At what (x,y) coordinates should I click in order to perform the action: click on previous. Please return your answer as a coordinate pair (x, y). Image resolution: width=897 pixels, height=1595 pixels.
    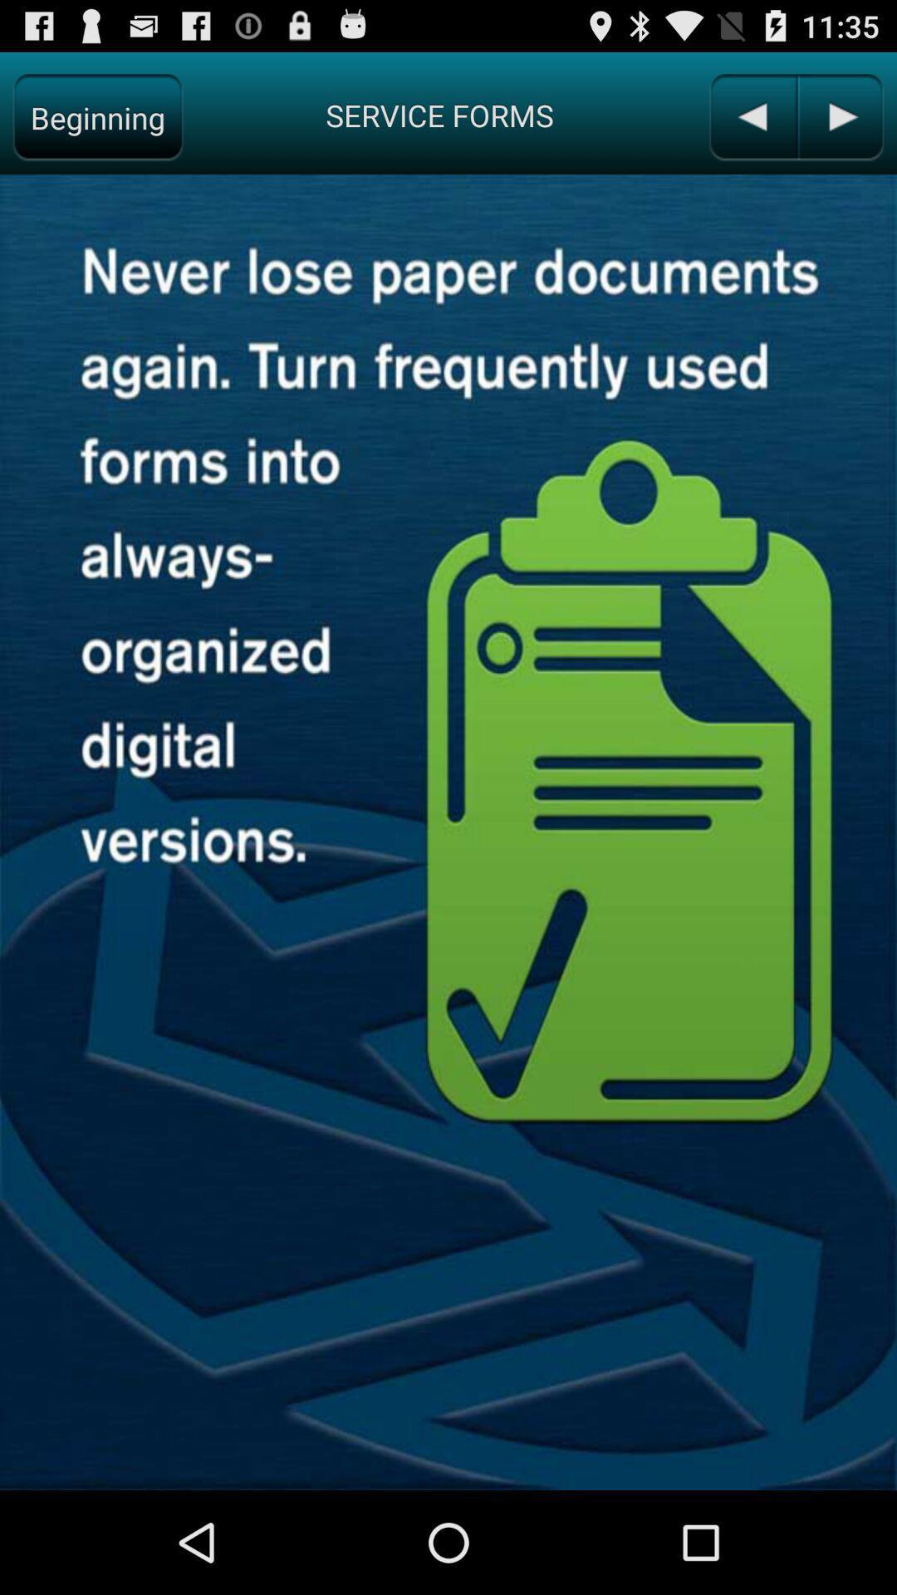
    Looking at the image, I should click on (752, 116).